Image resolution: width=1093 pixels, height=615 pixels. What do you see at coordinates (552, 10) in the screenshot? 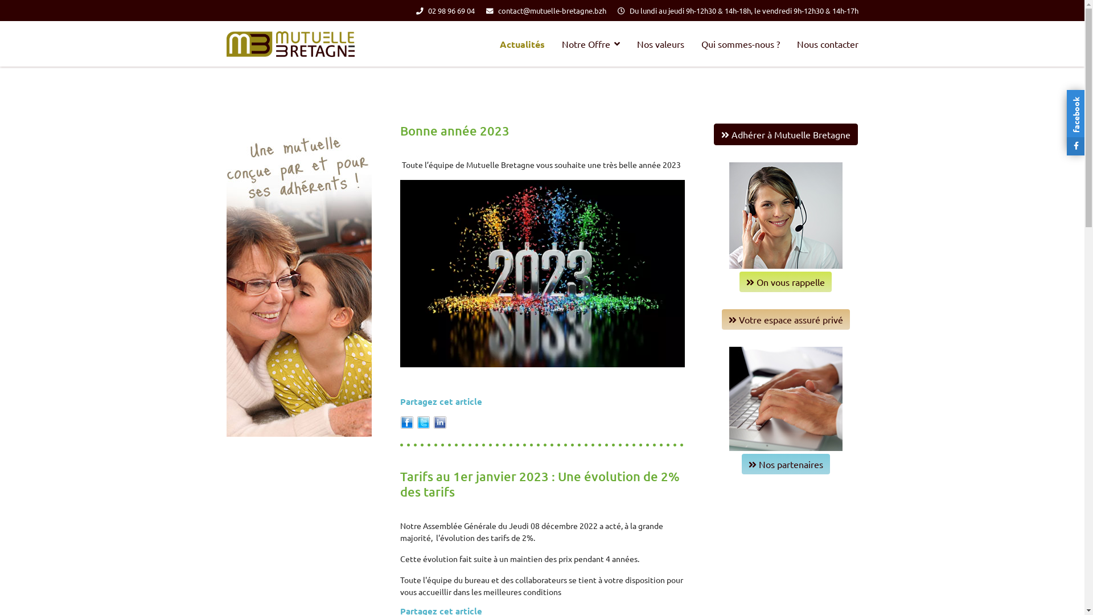
I see `'contact@mutuelle-bretagne.bzh'` at bounding box center [552, 10].